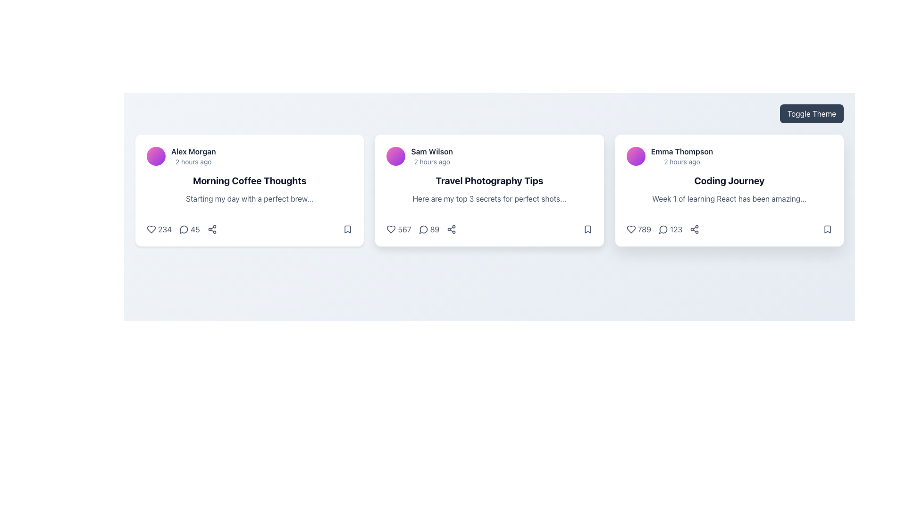 The height and width of the screenshot is (510, 906). I want to click on the circular share icon located at the bottom-right corner of the first card, which is styled in slate-gray and features three nodes connected by lines, so click(211, 229).